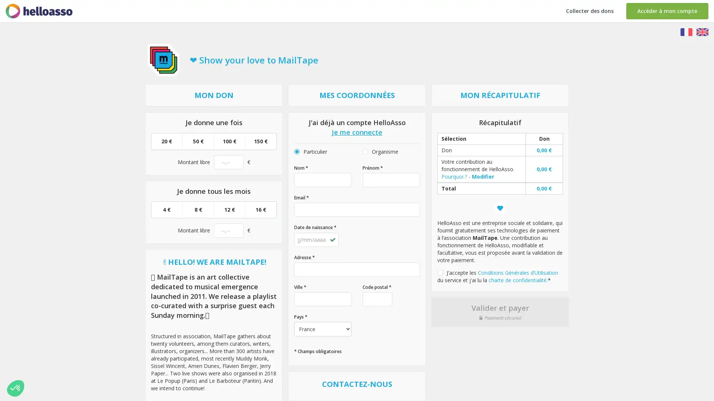  I want to click on Non merci, so click(33, 363).